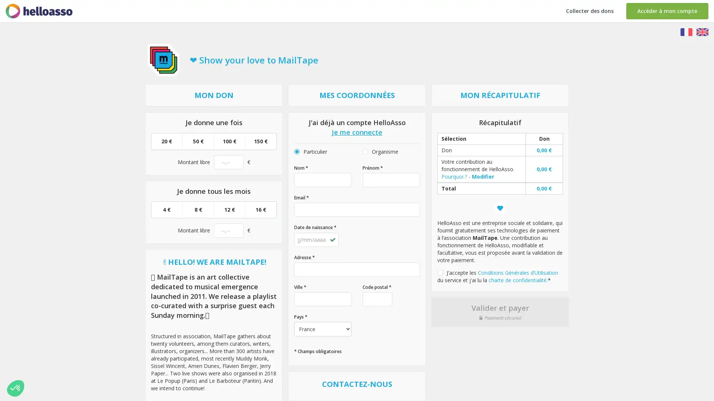  I want to click on Non merci, so click(33, 363).